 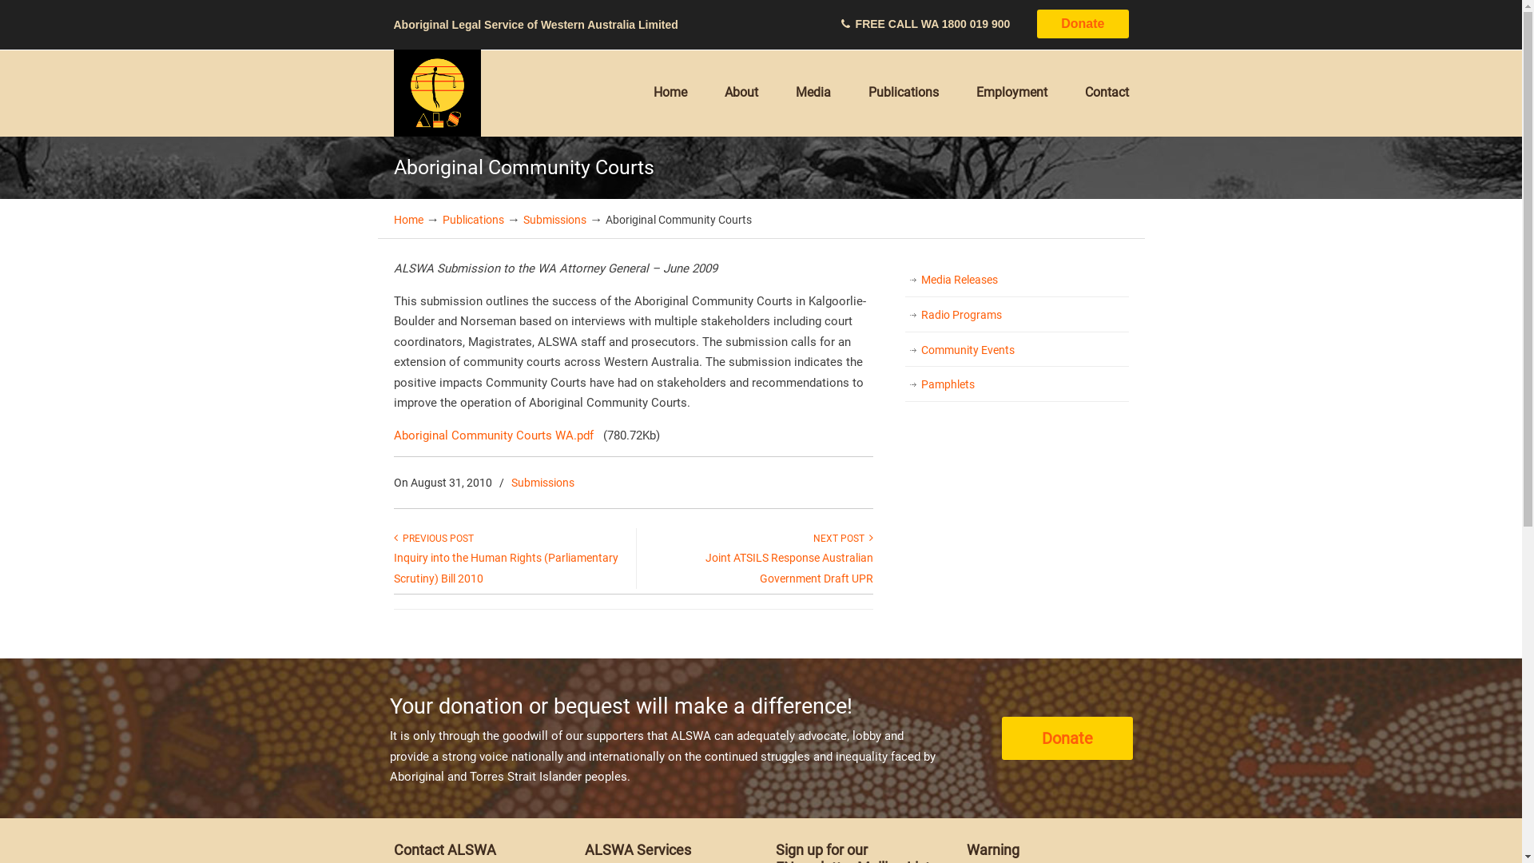 I want to click on 'Community Events', so click(x=1015, y=350).